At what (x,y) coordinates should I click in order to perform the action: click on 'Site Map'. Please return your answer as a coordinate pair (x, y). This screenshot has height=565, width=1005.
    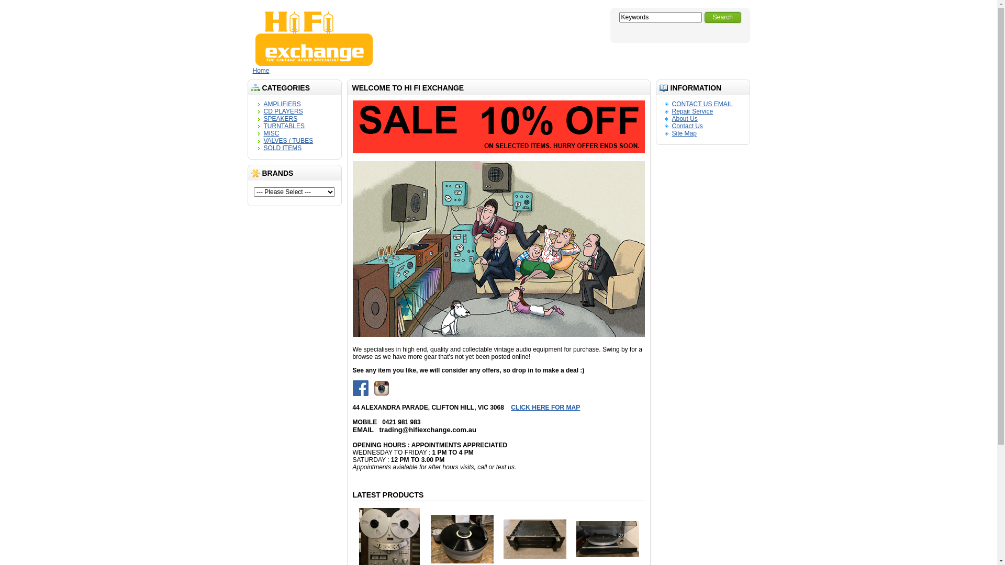
    Looking at the image, I should click on (684, 132).